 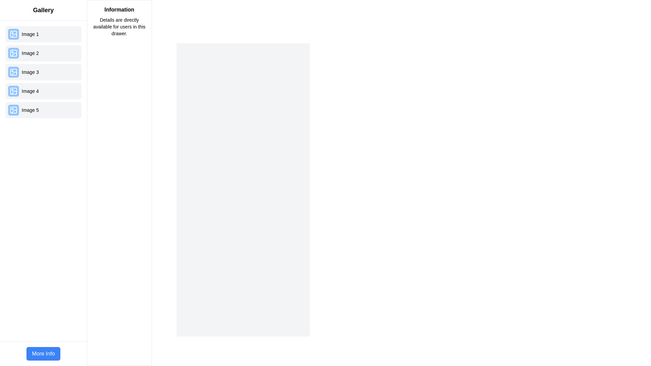 I want to click on the rectangular SVG element representing the icon of 'Image 4' in the gallery panel, which has a size of 18x18 pixels and is located in the left section of the interface, so click(x=13, y=91).